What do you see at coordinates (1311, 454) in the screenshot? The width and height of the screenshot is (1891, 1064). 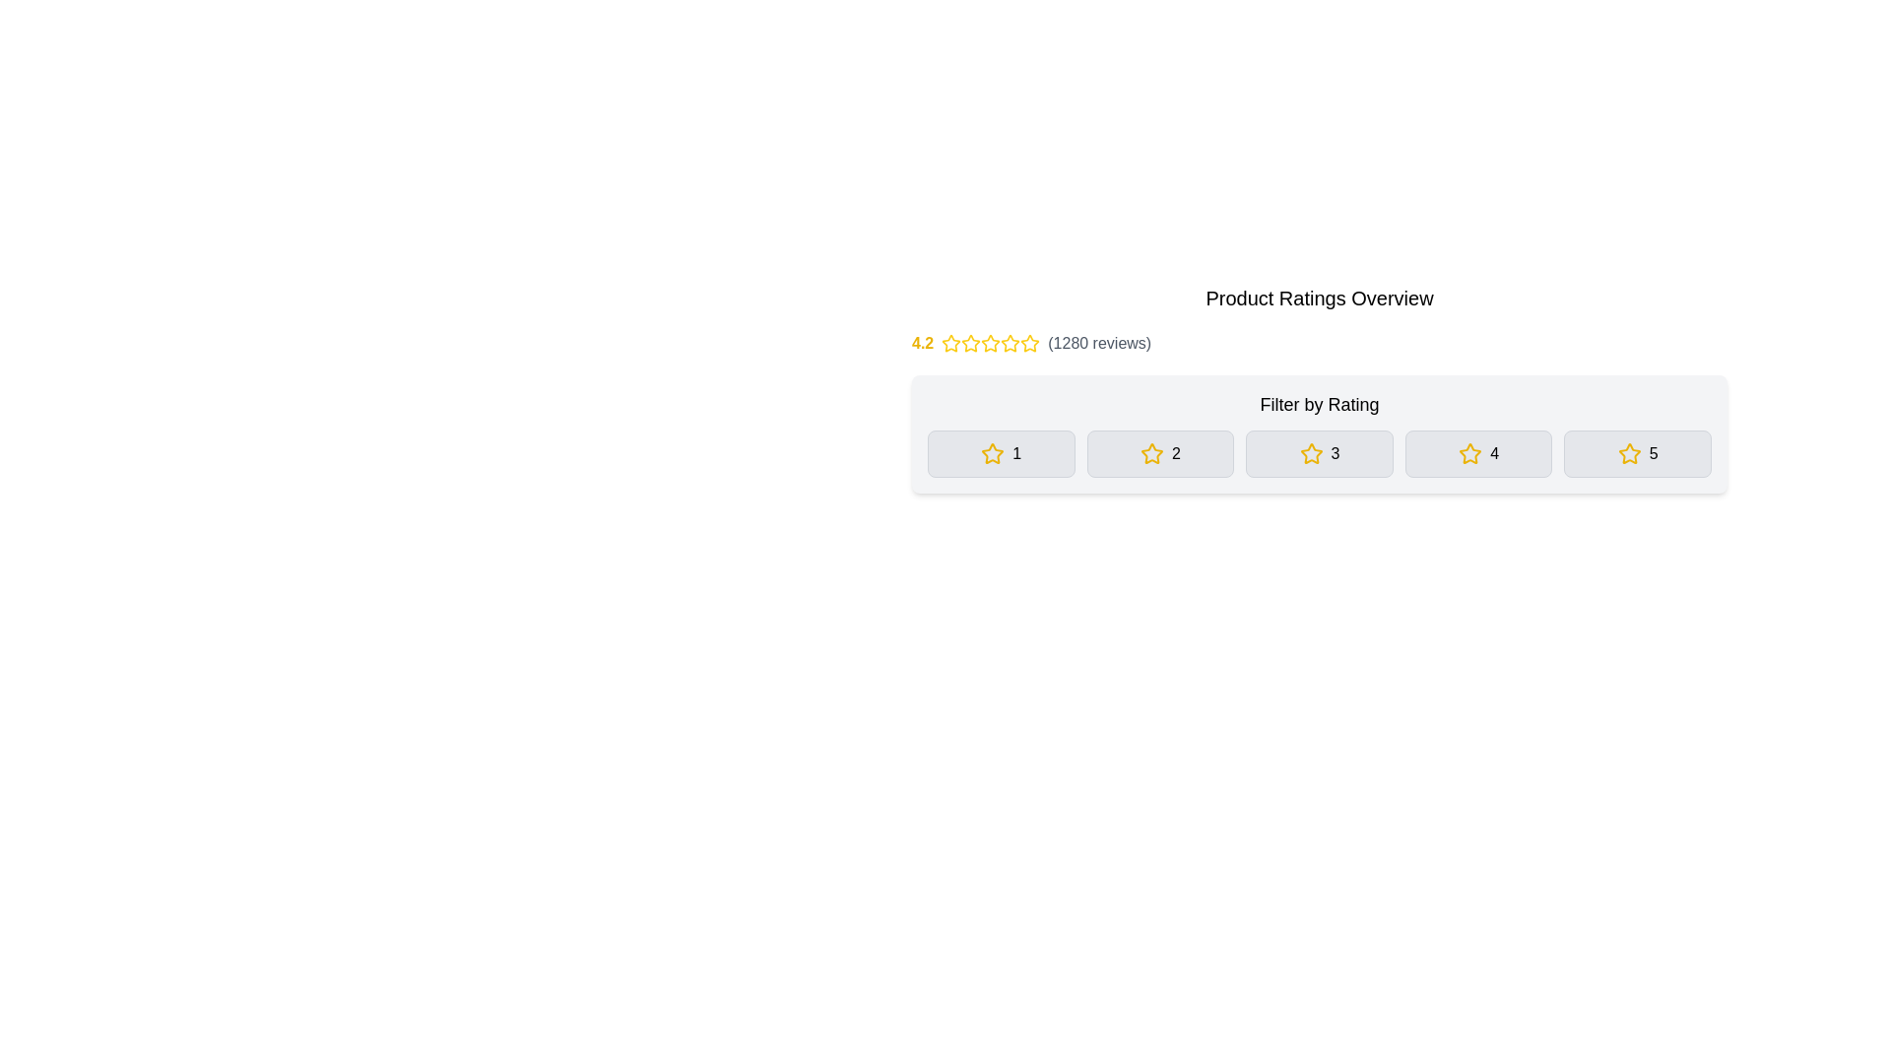 I see `the star icon that indicates a rating of three in the horizontal list of five buttons under 'Filter by Rating'` at bounding box center [1311, 454].